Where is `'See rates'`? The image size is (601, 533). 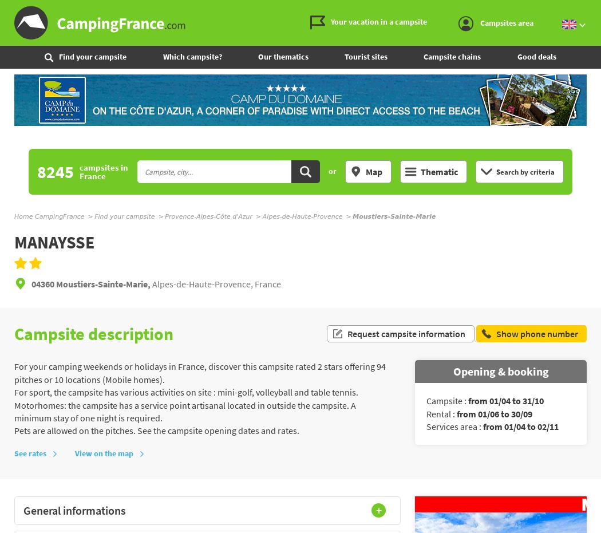 'See rates' is located at coordinates (14, 452).